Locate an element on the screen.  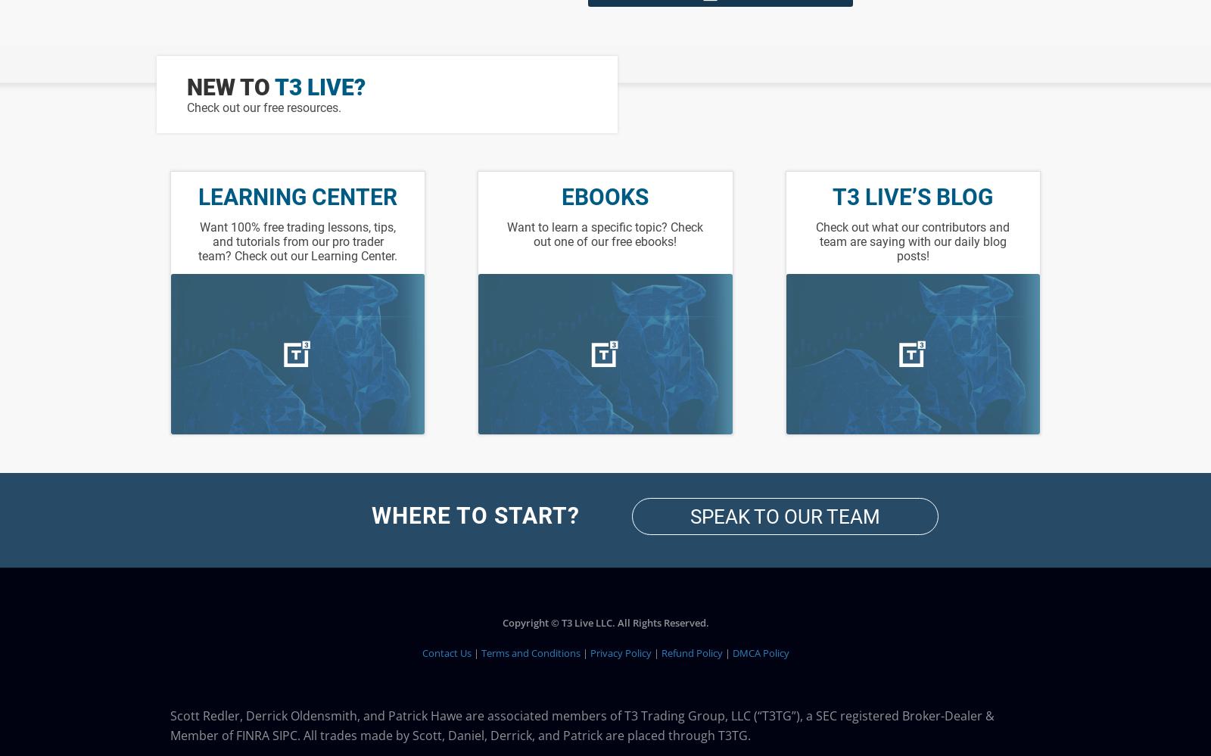
'Copyright © T3 Live LLC. All Rights Reserved.' is located at coordinates (605, 622).